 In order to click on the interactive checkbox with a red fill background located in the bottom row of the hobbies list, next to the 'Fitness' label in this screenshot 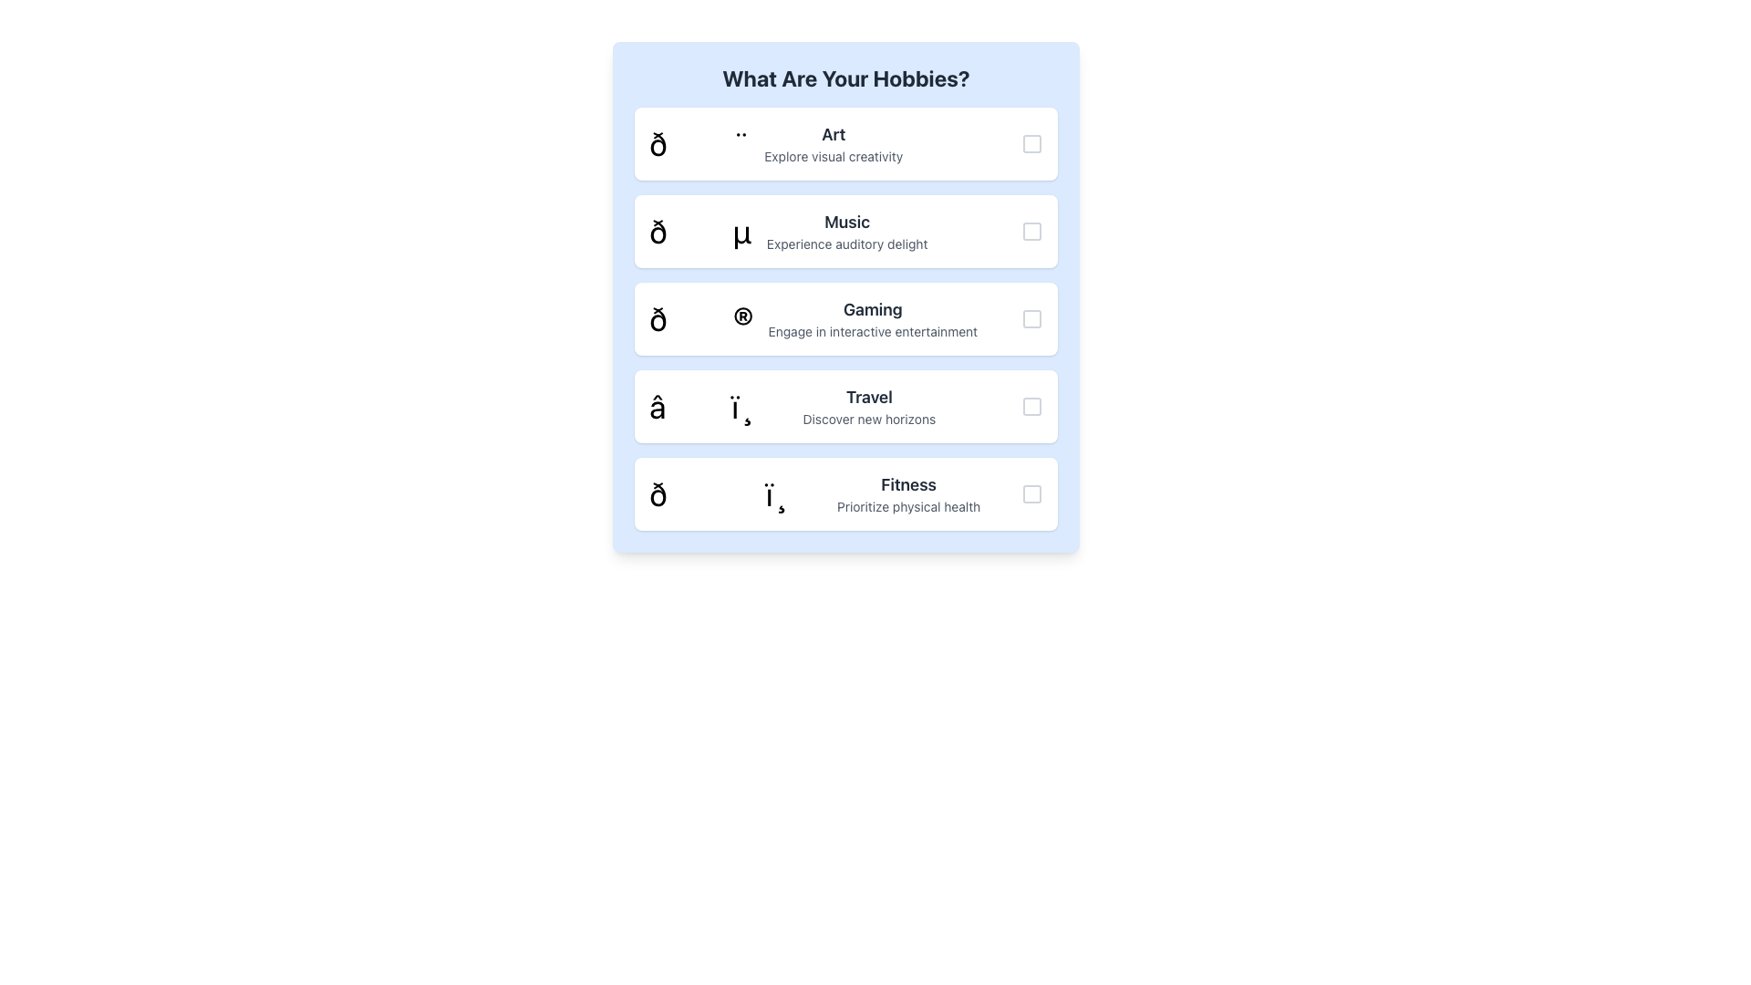, I will do `click(1032, 494)`.